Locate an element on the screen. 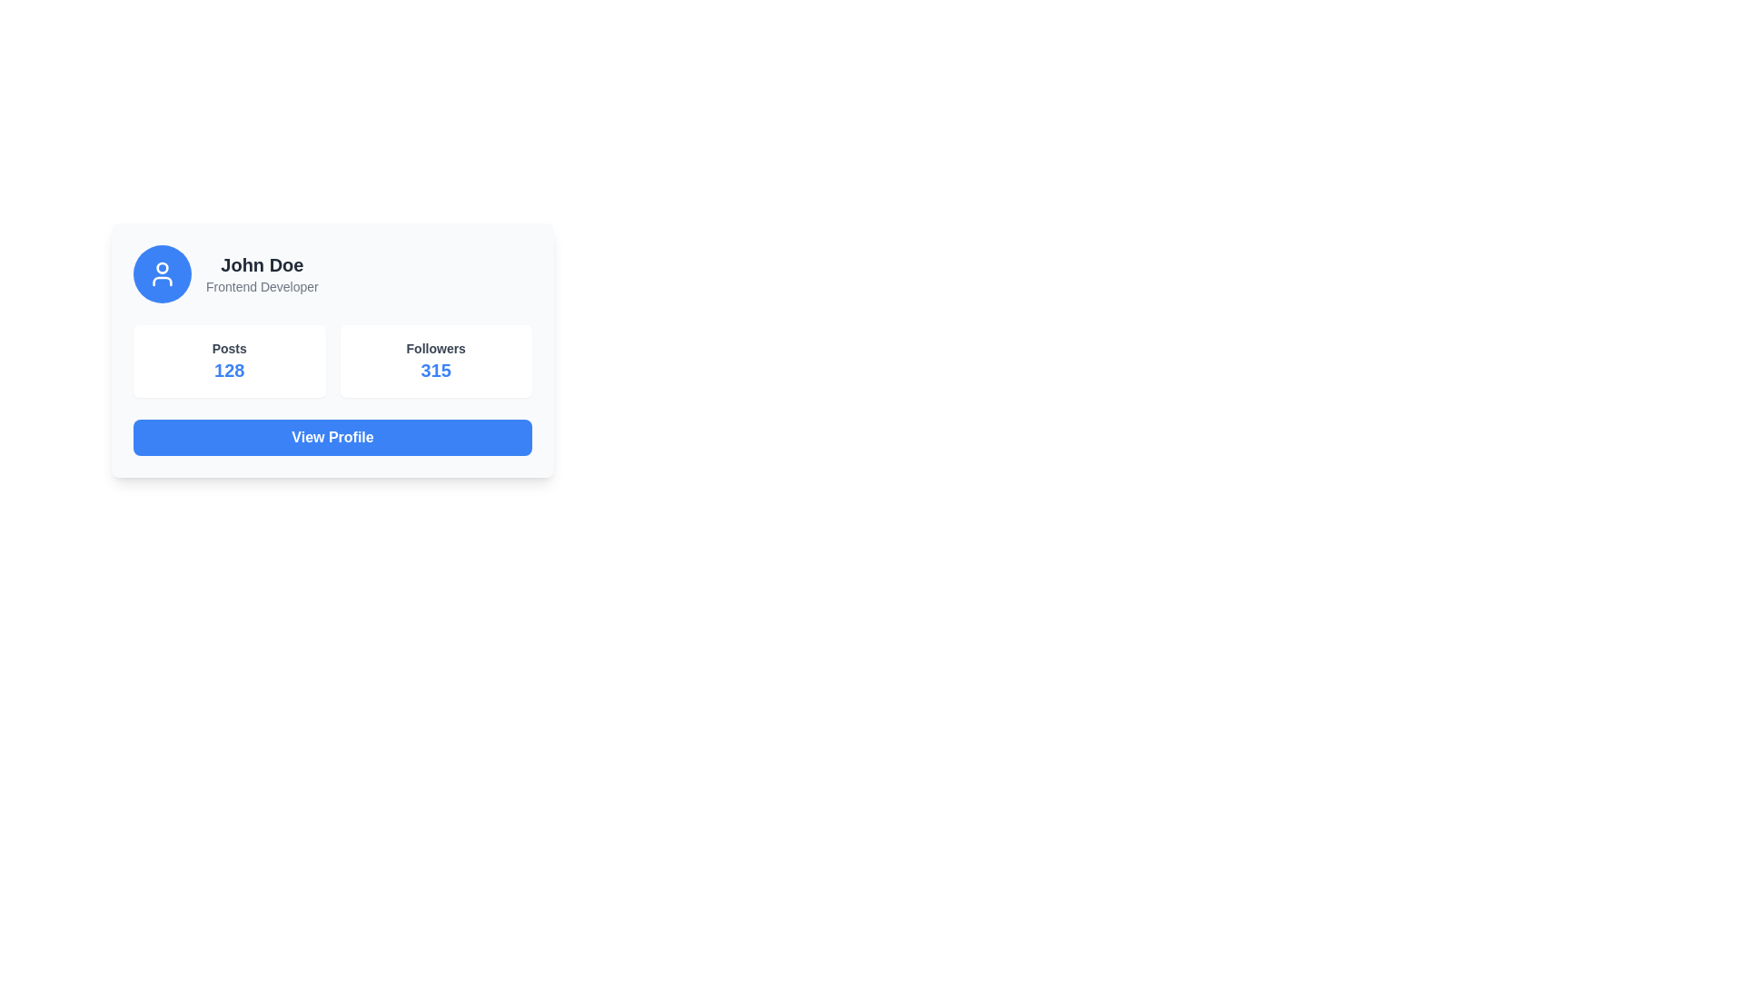  the button at the bottom of the card layout is located at coordinates (332, 438).